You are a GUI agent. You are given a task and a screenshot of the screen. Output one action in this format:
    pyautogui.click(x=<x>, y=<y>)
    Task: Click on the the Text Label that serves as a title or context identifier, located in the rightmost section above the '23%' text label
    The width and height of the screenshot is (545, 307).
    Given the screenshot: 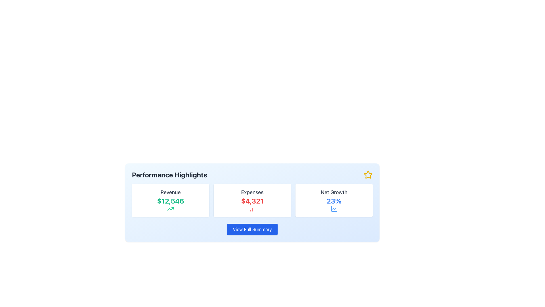 What is the action you would take?
    pyautogui.click(x=334, y=192)
    